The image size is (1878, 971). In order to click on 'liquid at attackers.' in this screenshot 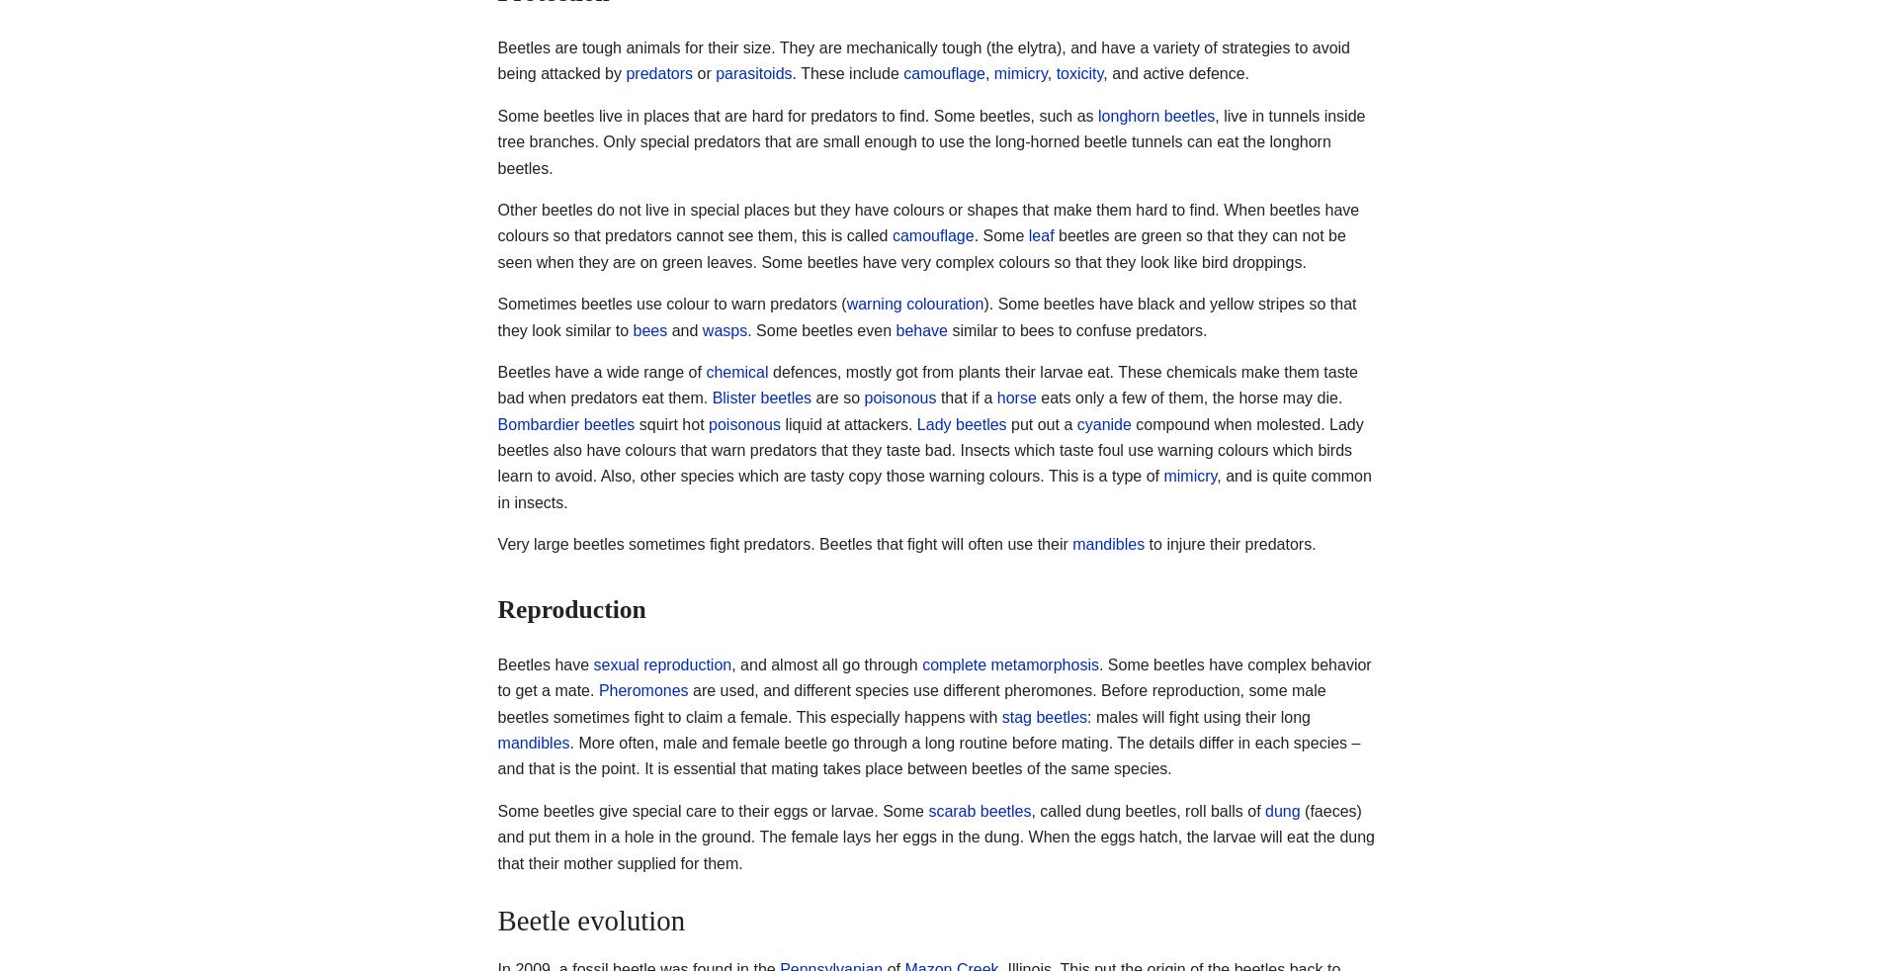, I will do `click(847, 423)`.